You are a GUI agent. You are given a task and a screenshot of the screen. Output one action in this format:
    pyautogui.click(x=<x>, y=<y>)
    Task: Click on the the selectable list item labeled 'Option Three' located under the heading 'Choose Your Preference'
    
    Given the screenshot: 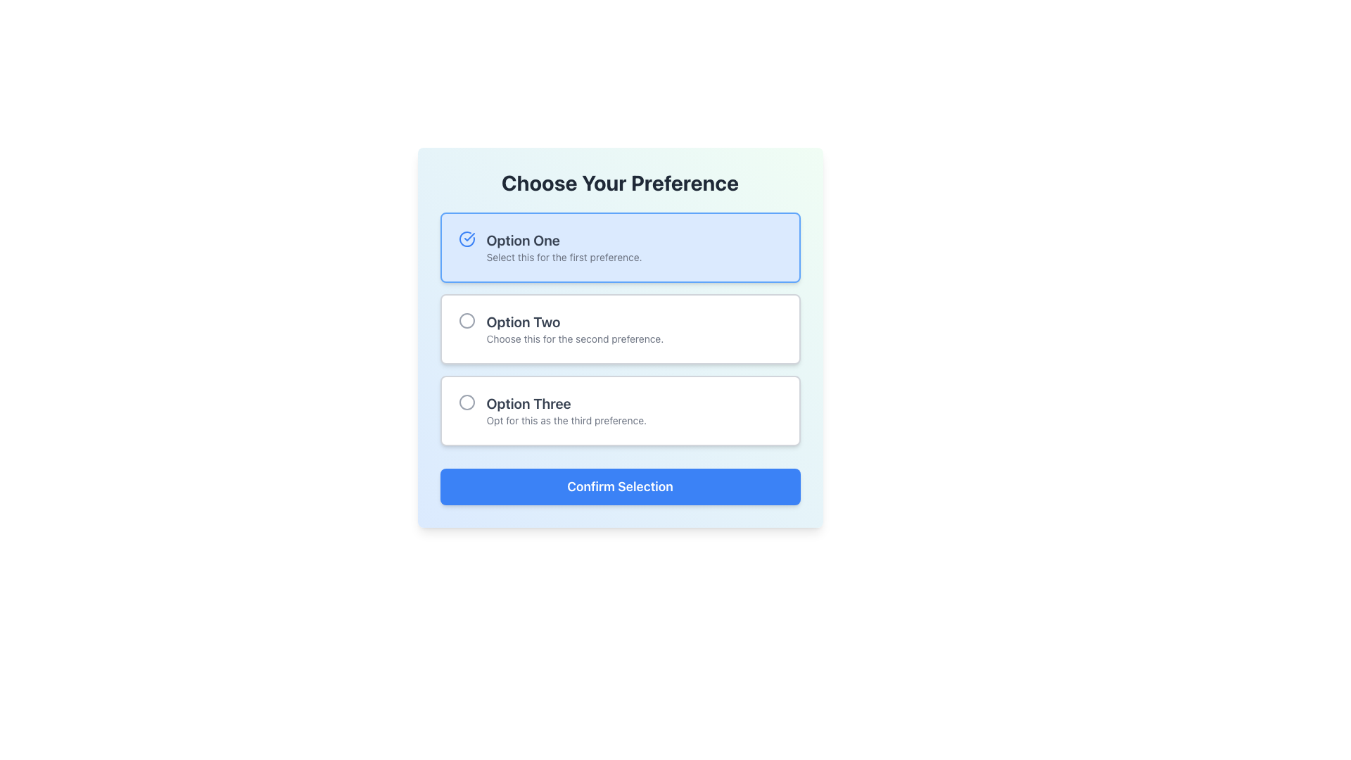 What is the action you would take?
    pyautogui.click(x=619, y=410)
    